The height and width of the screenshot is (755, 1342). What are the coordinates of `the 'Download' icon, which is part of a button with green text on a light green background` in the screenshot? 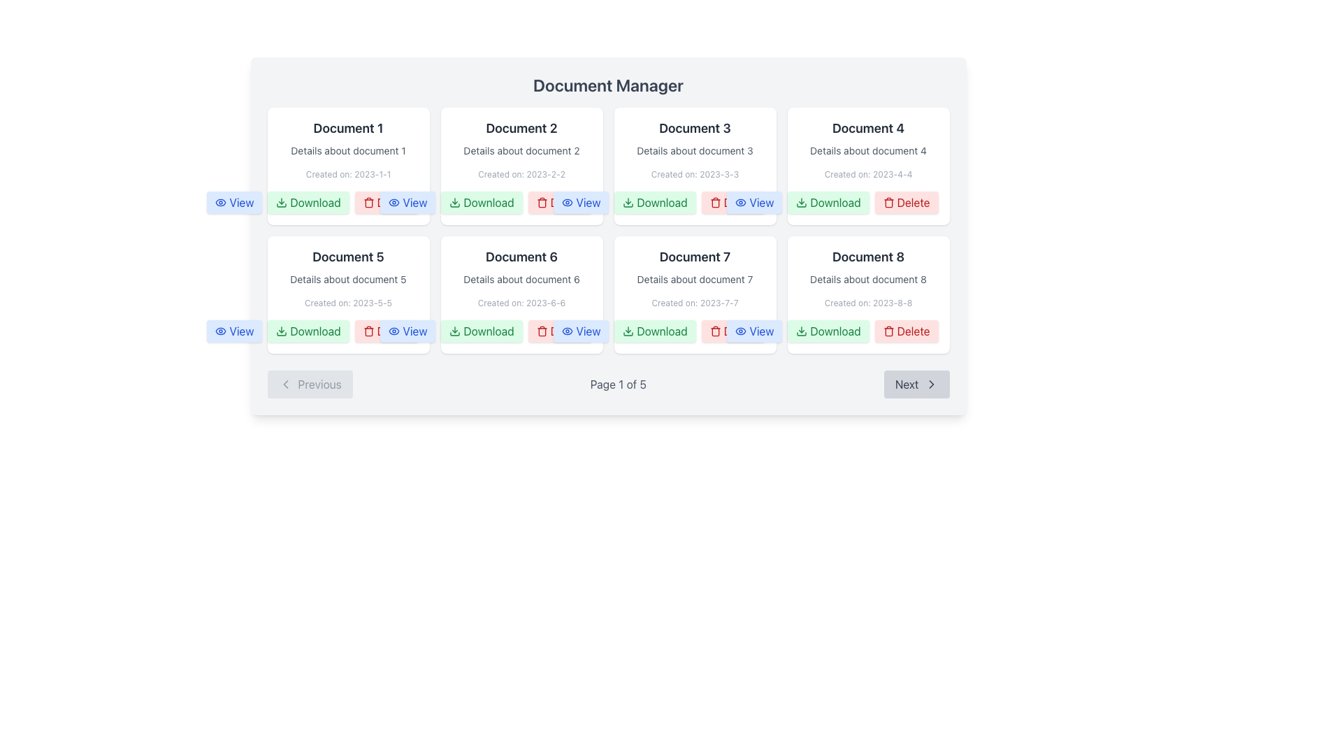 It's located at (628, 331).